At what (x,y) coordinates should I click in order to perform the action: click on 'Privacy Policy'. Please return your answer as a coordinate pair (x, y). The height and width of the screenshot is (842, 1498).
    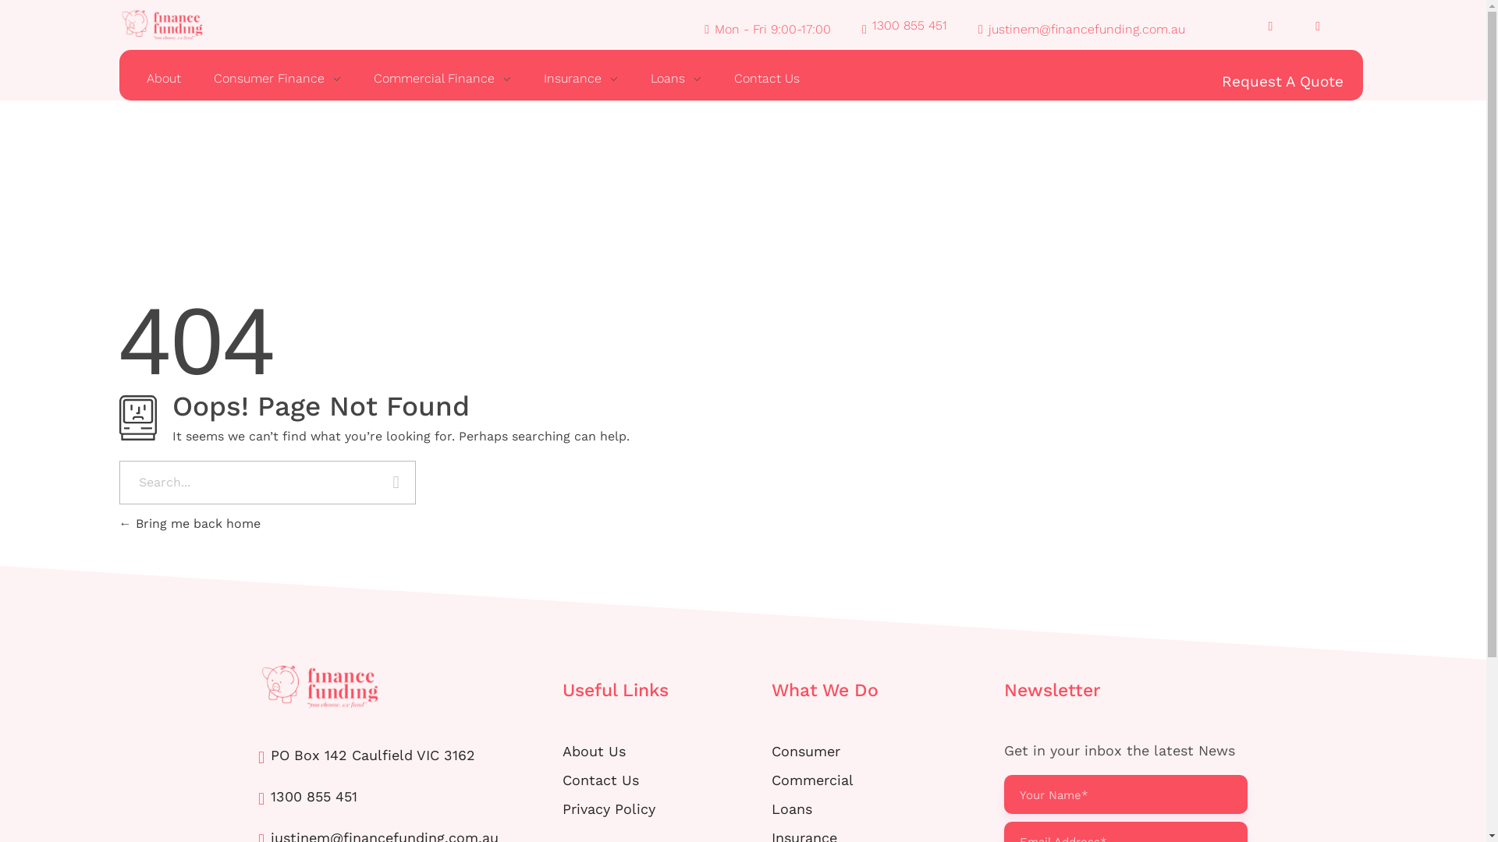
    Looking at the image, I should click on (562, 808).